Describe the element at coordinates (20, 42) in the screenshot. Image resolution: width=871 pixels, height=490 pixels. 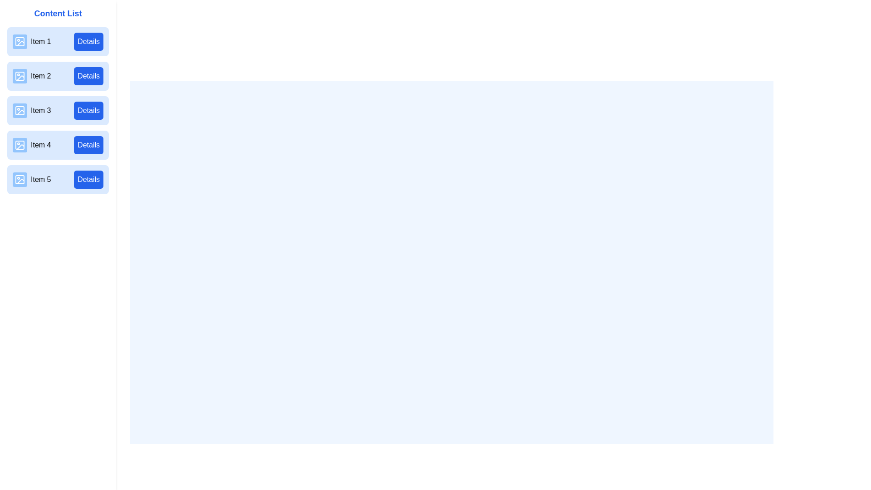
I see `the small square-shaped icon with a light blue background and rounded corners located to the left of the text 'Item 1' in the 'Content List.'` at that location.